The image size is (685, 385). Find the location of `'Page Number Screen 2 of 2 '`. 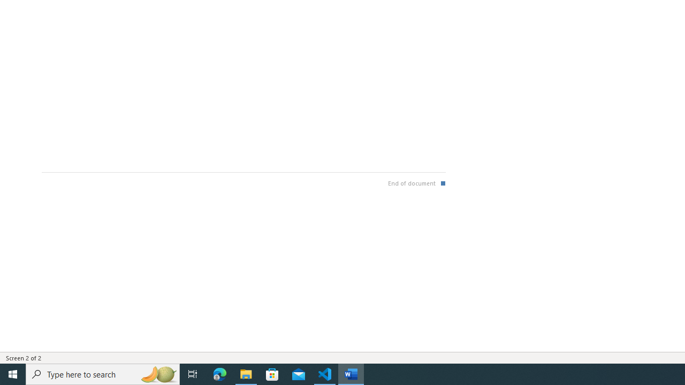

'Page Number Screen 2 of 2 ' is located at coordinates (24, 358).